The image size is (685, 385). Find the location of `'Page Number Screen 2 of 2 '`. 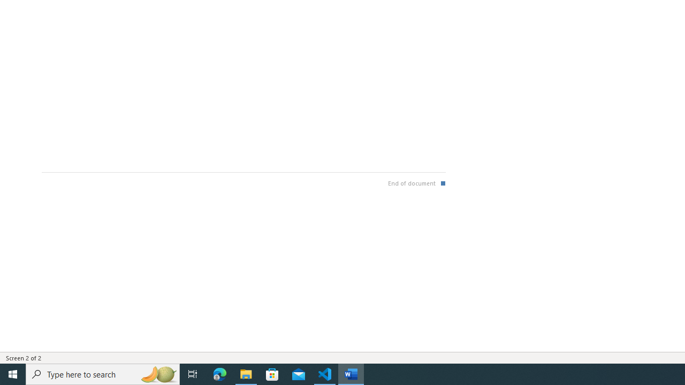

'Page Number Screen 2 of 2 ' is located at coordinates (24, 358).